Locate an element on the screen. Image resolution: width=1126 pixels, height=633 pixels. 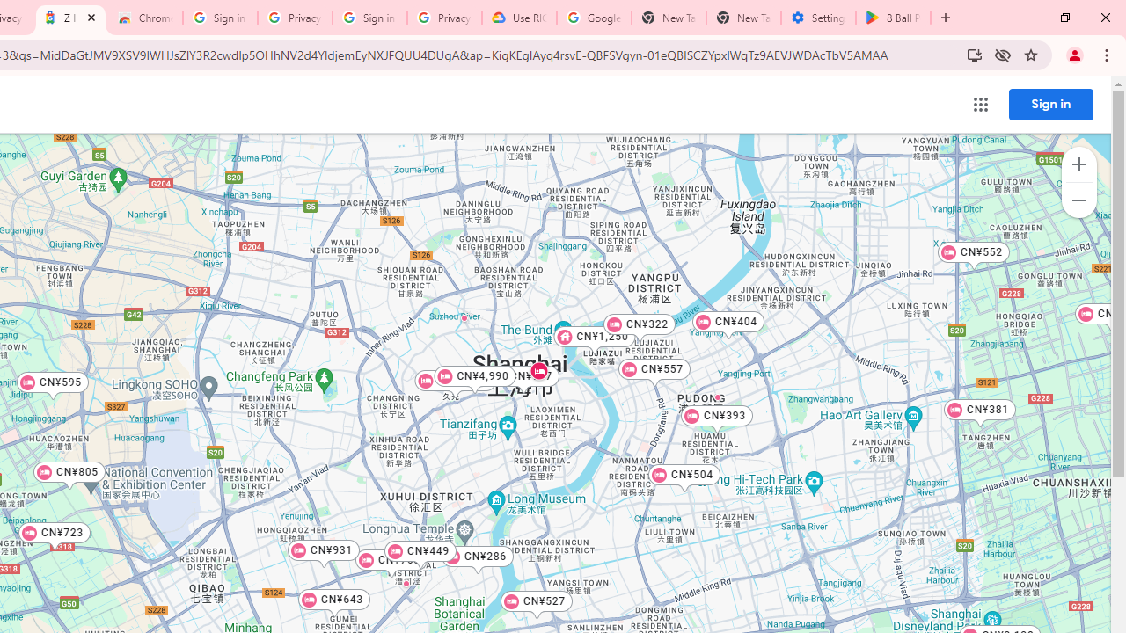
'Z Hotel - Google hotels' is located at coordinates (70, 18).